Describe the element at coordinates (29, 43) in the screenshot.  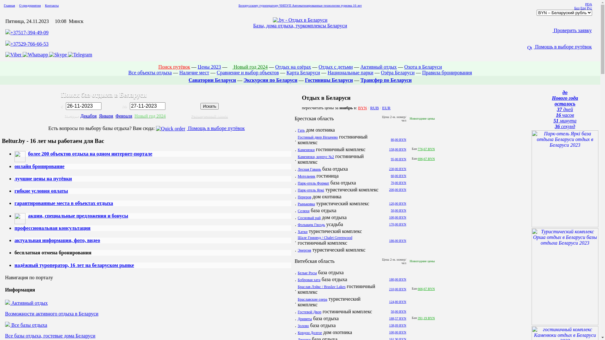
I see `'+37529-766-66-53'` at that location.